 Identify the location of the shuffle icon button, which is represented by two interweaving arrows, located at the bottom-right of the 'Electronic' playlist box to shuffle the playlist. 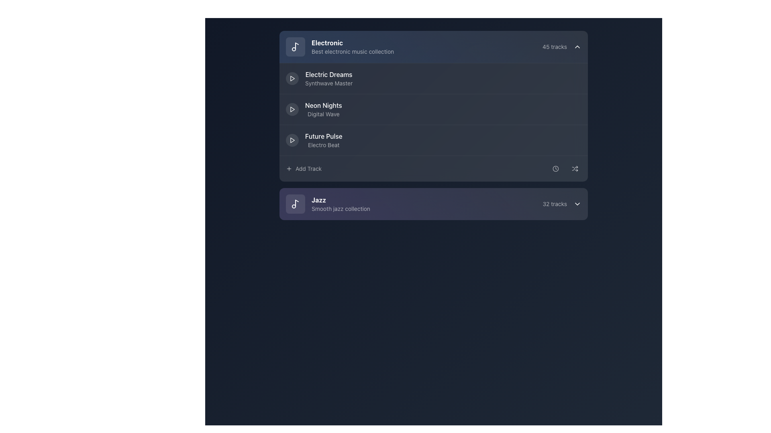
(574, 168).